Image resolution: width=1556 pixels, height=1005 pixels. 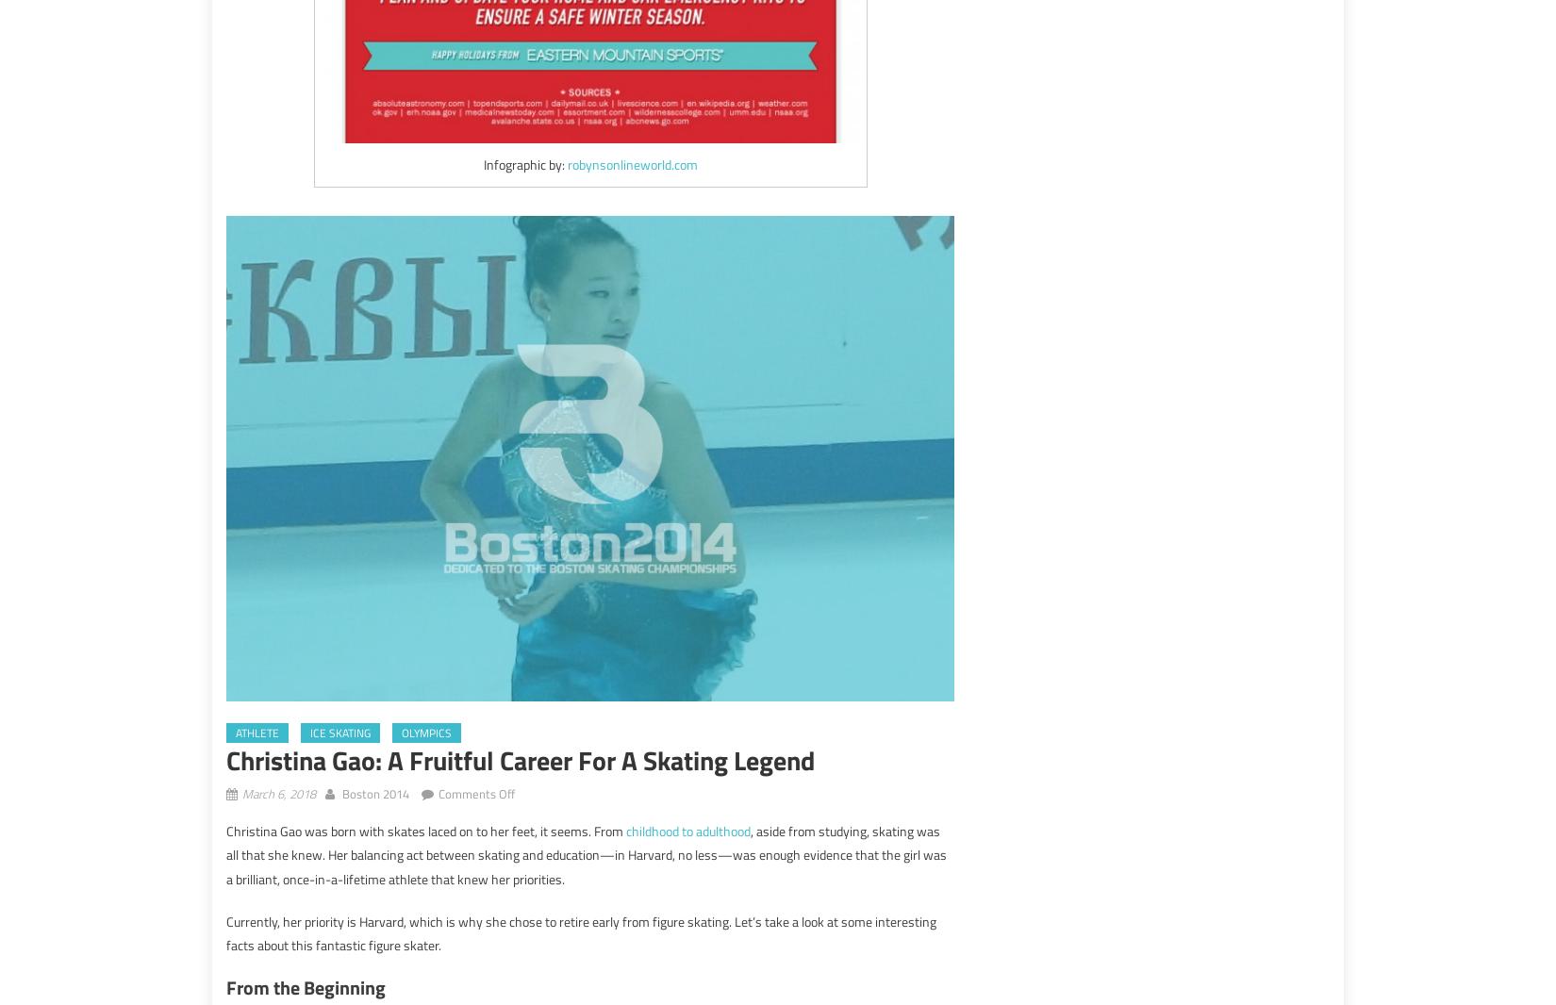 What do you see at coordinates (631, 163) in the screenshot?
I see `'robynsonlineworld.com'` at bounding box center [631, 163].